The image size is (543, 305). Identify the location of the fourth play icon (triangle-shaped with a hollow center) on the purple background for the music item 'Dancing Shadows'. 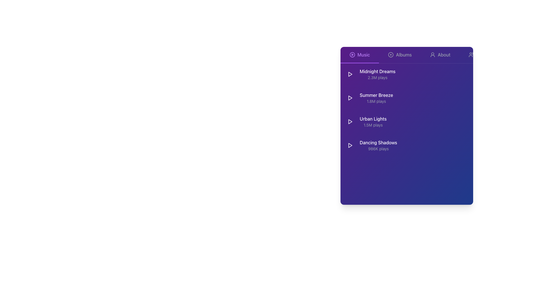
(350, 145).